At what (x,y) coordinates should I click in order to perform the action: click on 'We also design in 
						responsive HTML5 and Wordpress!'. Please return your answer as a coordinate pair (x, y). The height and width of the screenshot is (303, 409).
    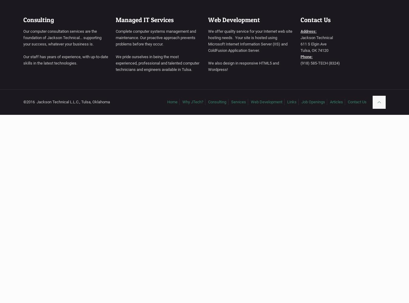
    Looking at the image, I should click on (244, 66).